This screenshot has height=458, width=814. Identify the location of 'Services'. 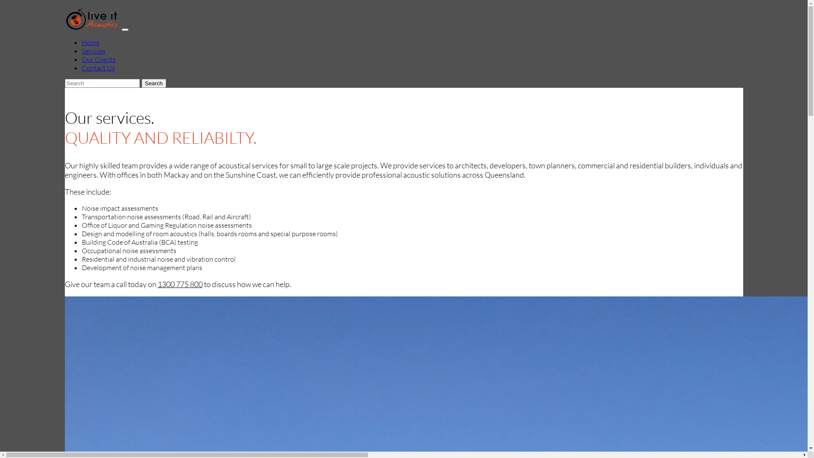
(93, 50).